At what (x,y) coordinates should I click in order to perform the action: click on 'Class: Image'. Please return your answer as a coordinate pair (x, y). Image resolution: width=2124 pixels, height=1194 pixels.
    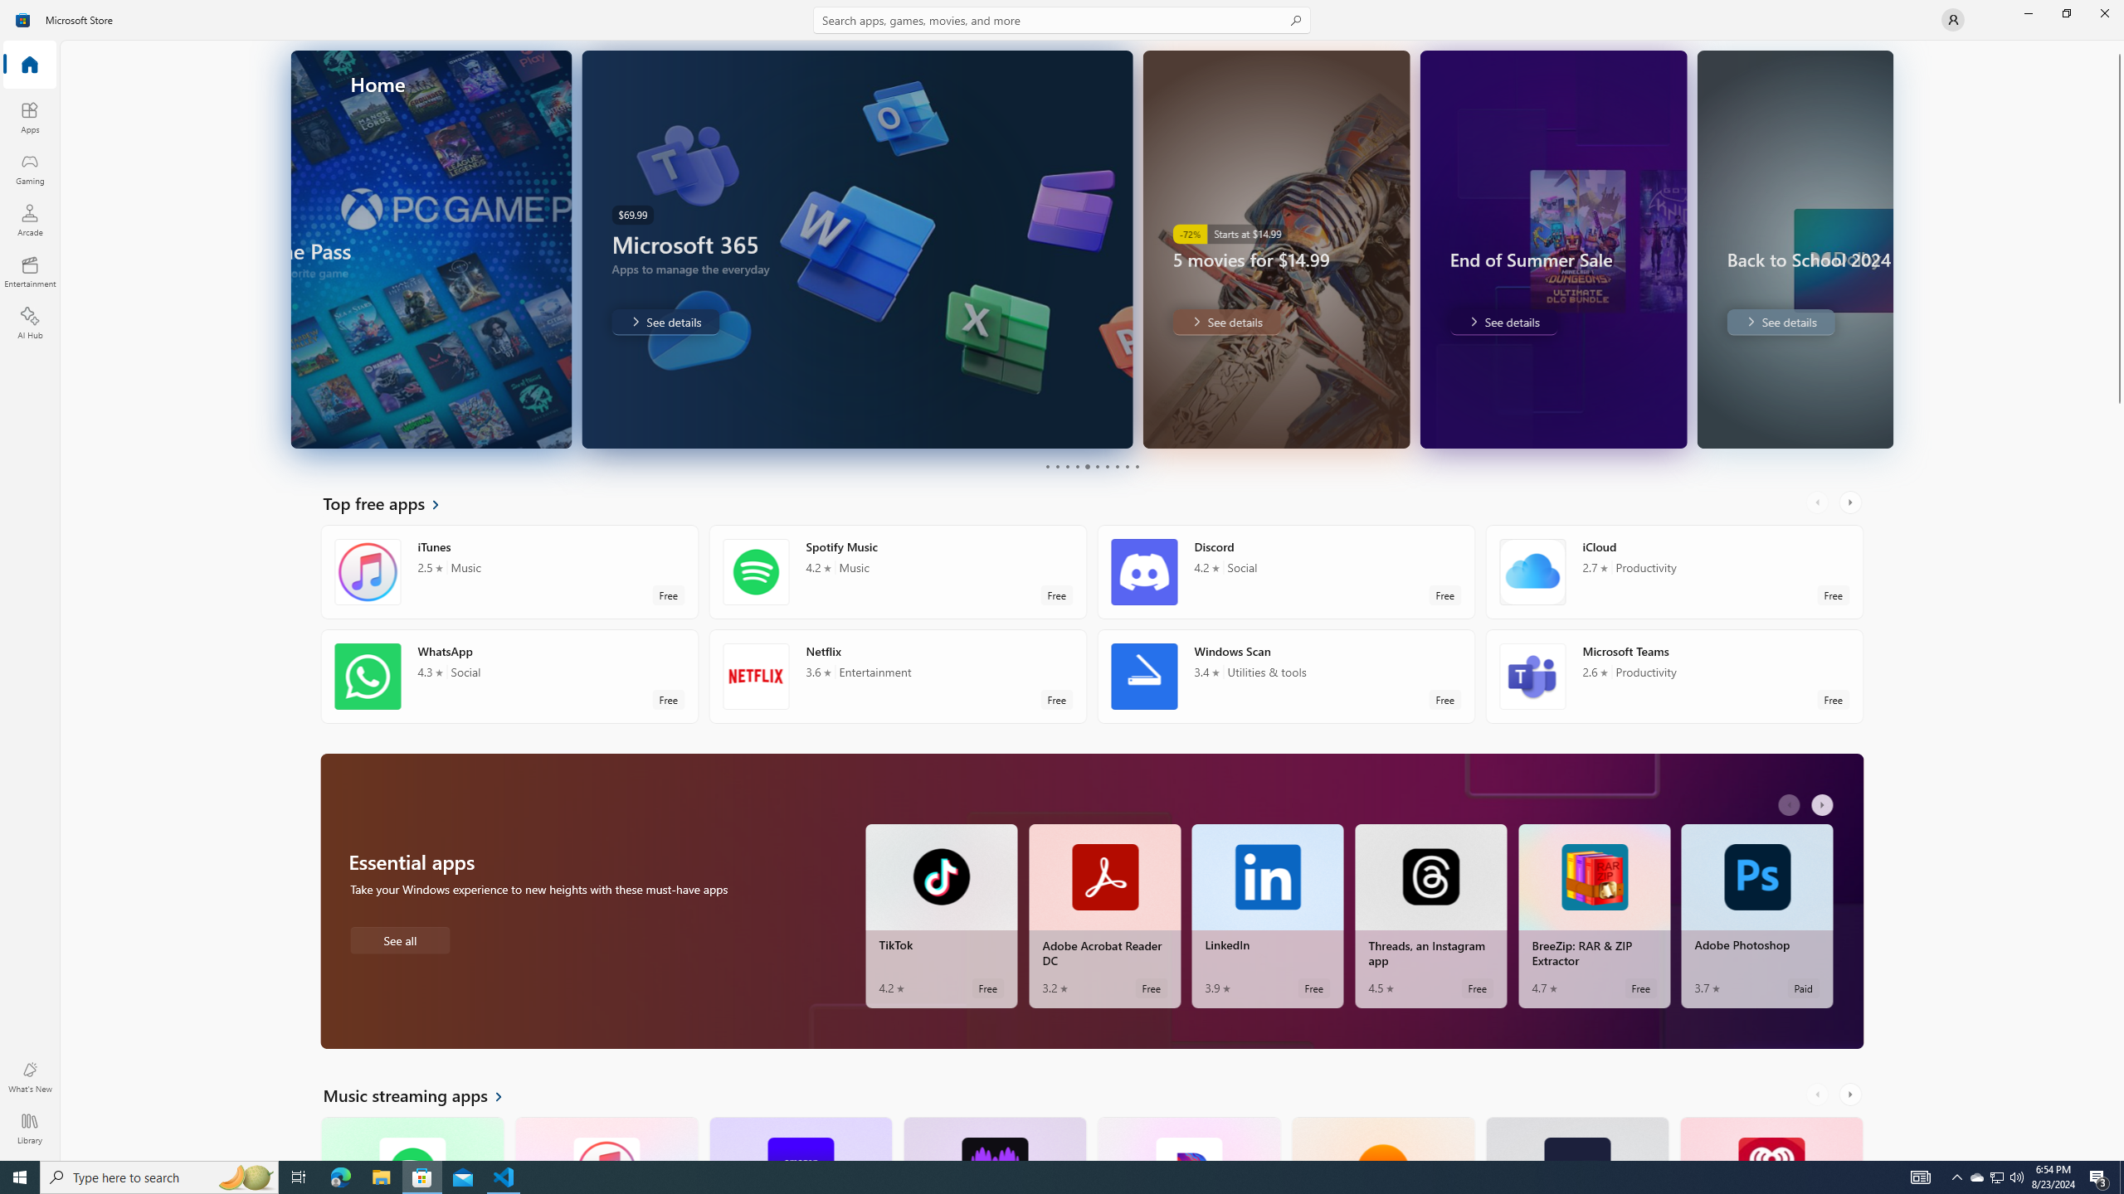
    Looking at the image, I should click on (23, 18).